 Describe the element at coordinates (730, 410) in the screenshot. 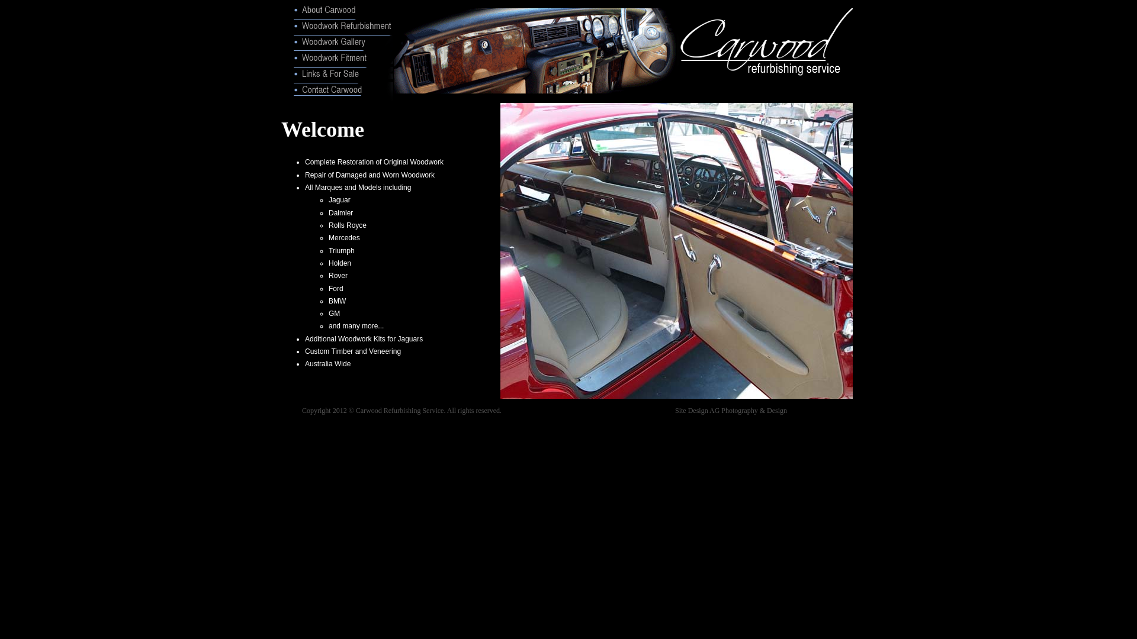

I see `'Site Design AG Photography & Design'` at that location.